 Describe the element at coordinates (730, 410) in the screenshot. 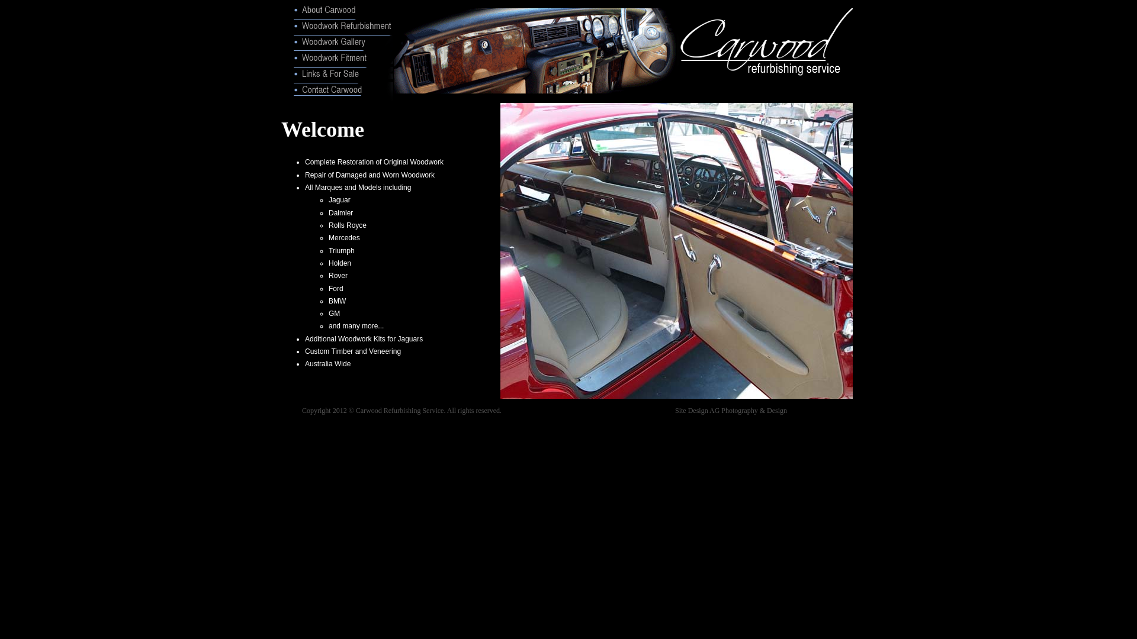

I see `'Site Design AG Photography & Design'` at that location.